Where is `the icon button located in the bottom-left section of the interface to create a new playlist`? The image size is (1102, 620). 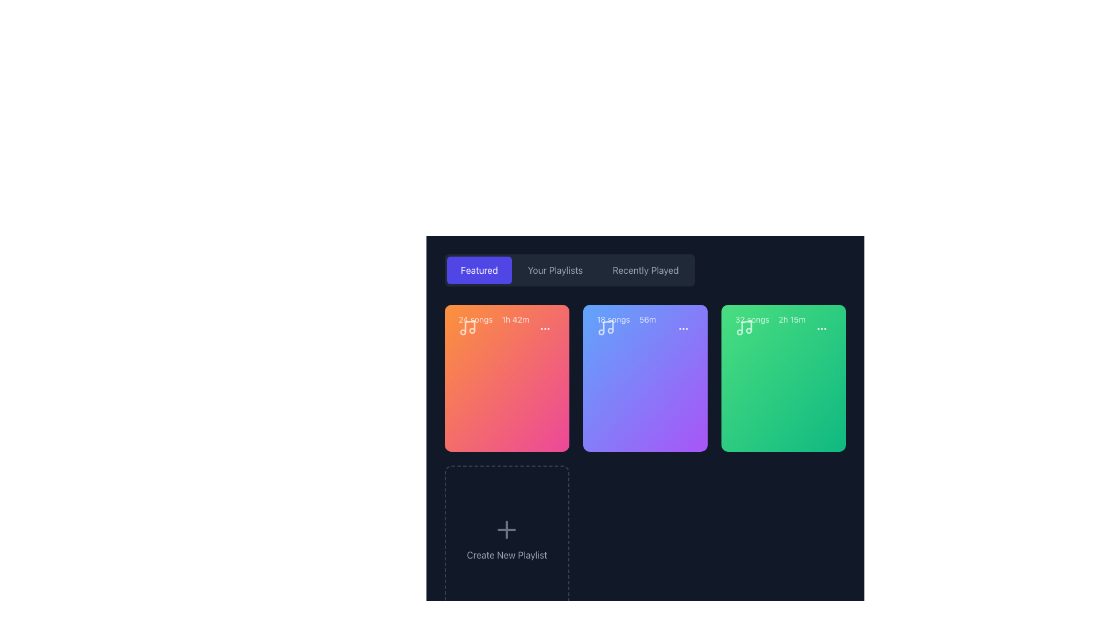
the icon button located in the bottom-left section of the interface to create a new playlist is located at coordinates (506, 529).